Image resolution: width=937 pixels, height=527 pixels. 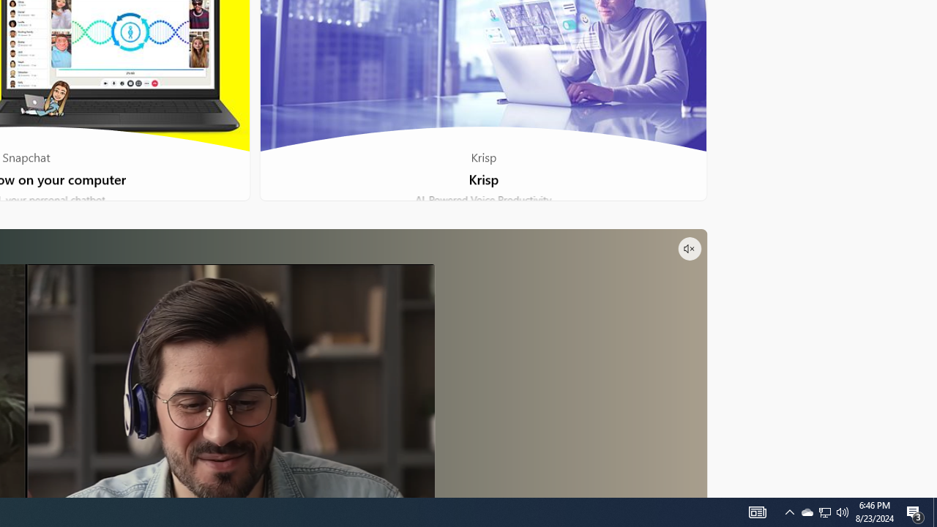 I want to click on 'Unmute', so click(x=688, y=247).